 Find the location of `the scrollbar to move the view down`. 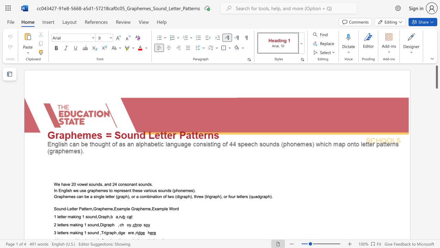

the scrollbar to move the view down is located at coordinates (436, 203).